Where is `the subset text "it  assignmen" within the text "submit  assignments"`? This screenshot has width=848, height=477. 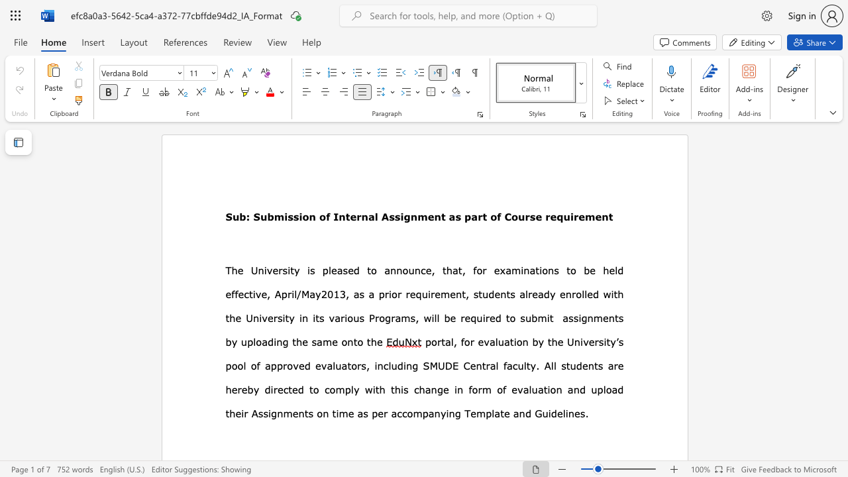
the subset text "it  assignmen" within the text "submit  assignments" is located at coordinates (547, 318).